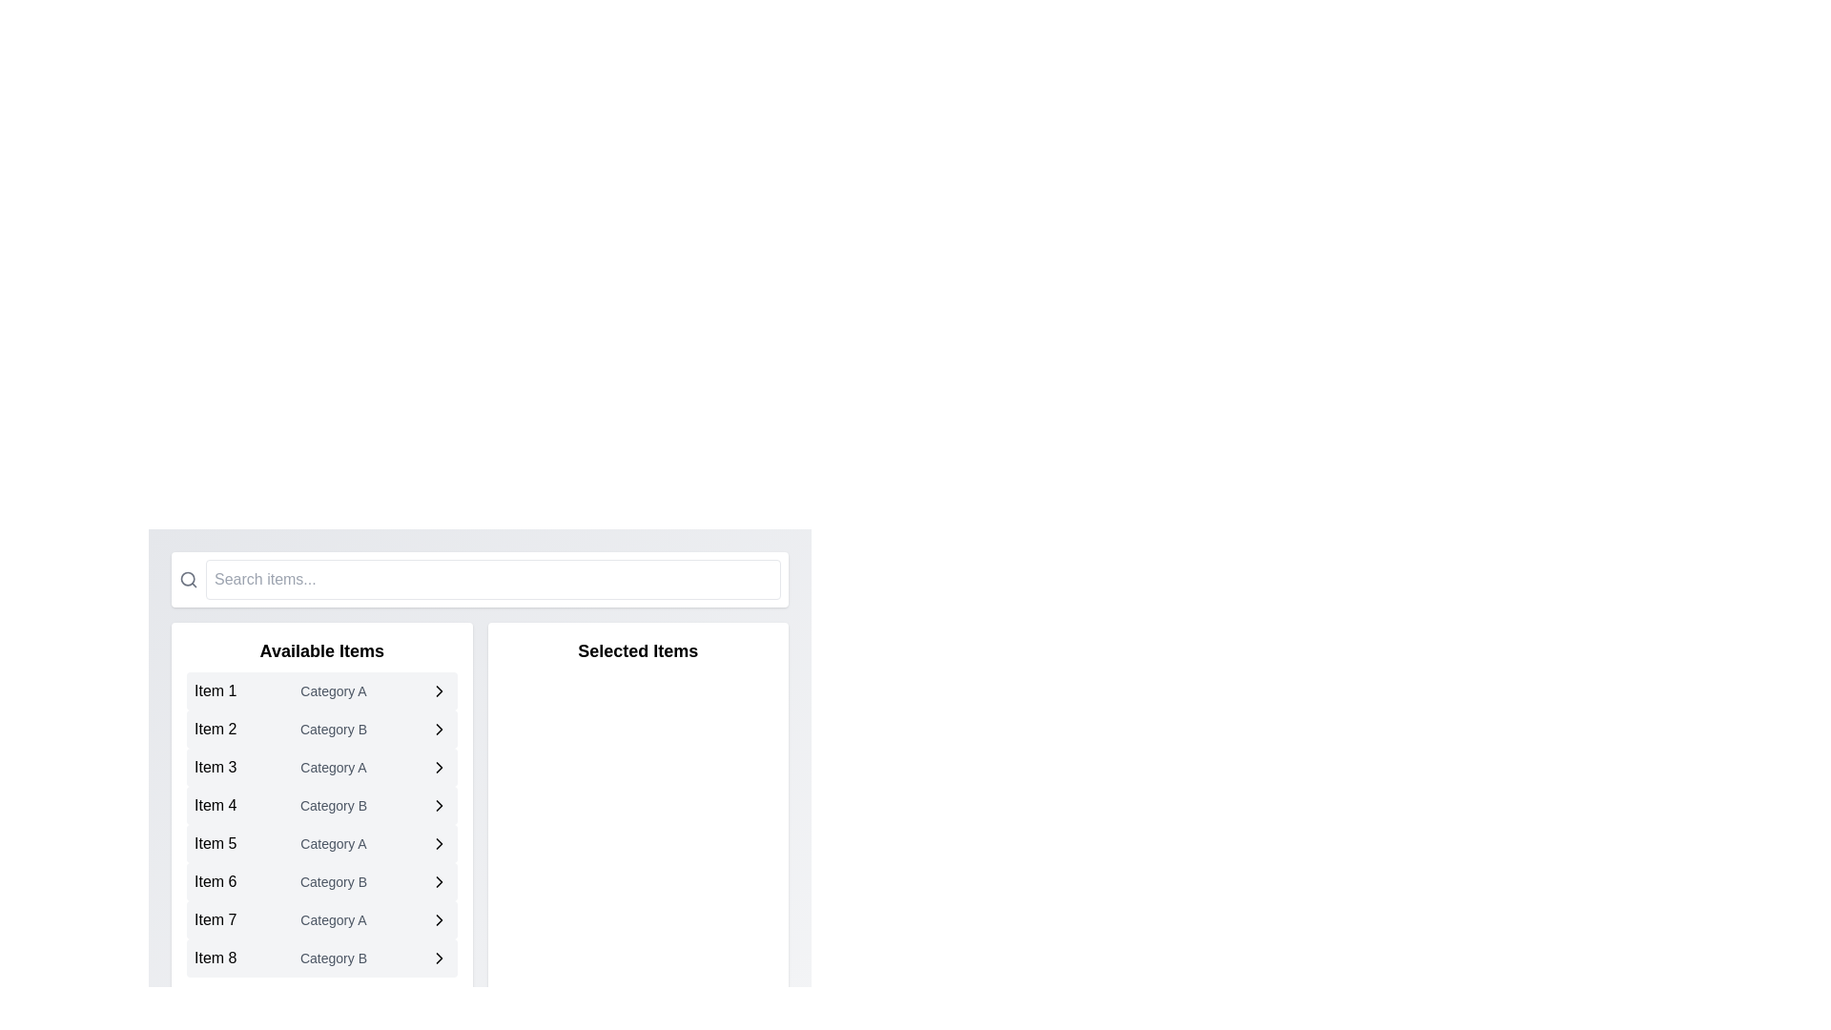 The image size is (1831, 1030). What do you see at coordinates (439, 729) in the screenshot?
I see `the chevron icon located to the right of 'Category B' in the 'Available Items' section for 'Item 2'` at bounding box center [439, 729].